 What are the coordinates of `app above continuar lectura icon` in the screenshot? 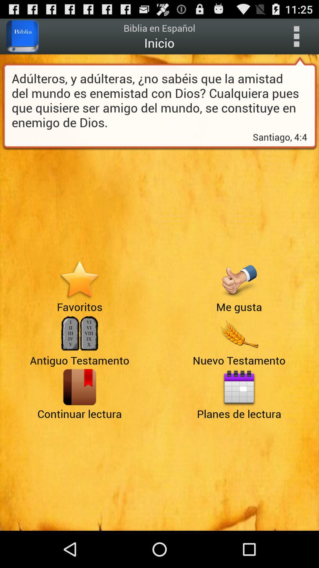 It's located at (79, 387).